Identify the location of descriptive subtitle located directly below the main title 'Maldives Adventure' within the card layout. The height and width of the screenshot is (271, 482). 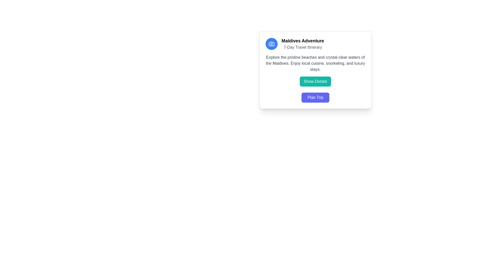
(303, 47).